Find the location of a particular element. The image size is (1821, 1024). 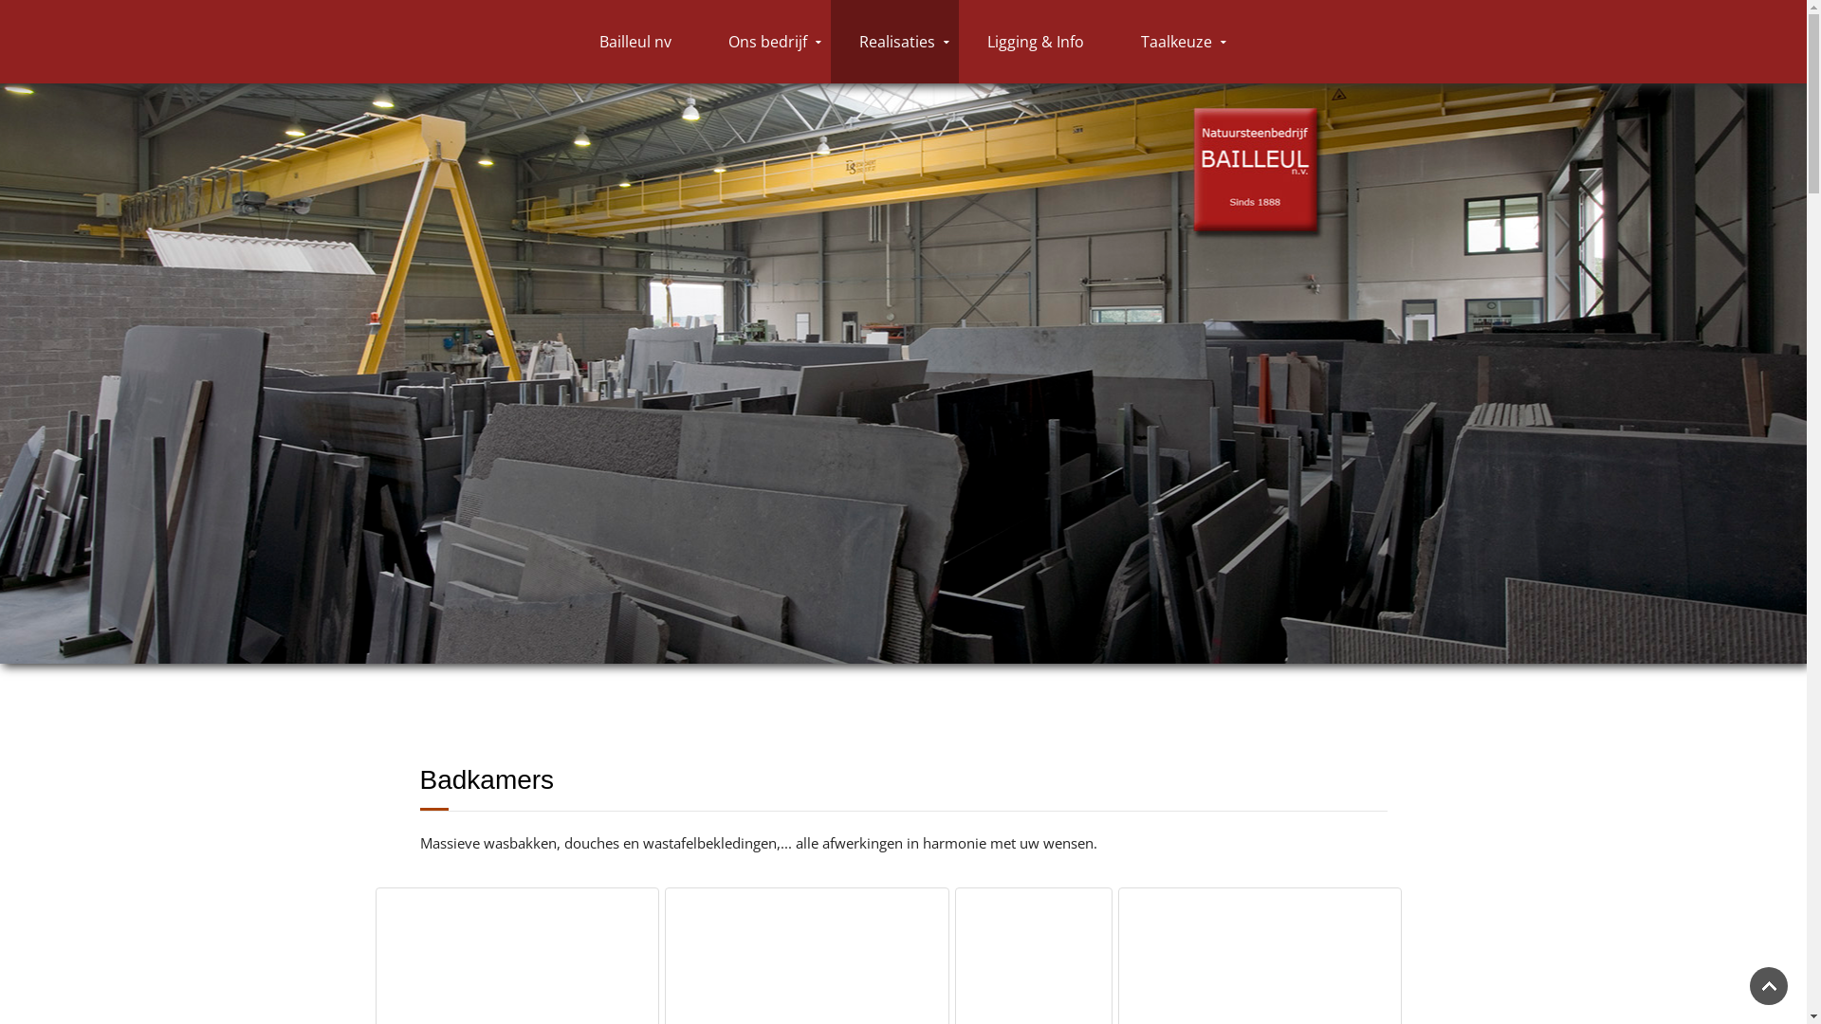

'Ons bedrijf' is located at coordinates (699, 41).